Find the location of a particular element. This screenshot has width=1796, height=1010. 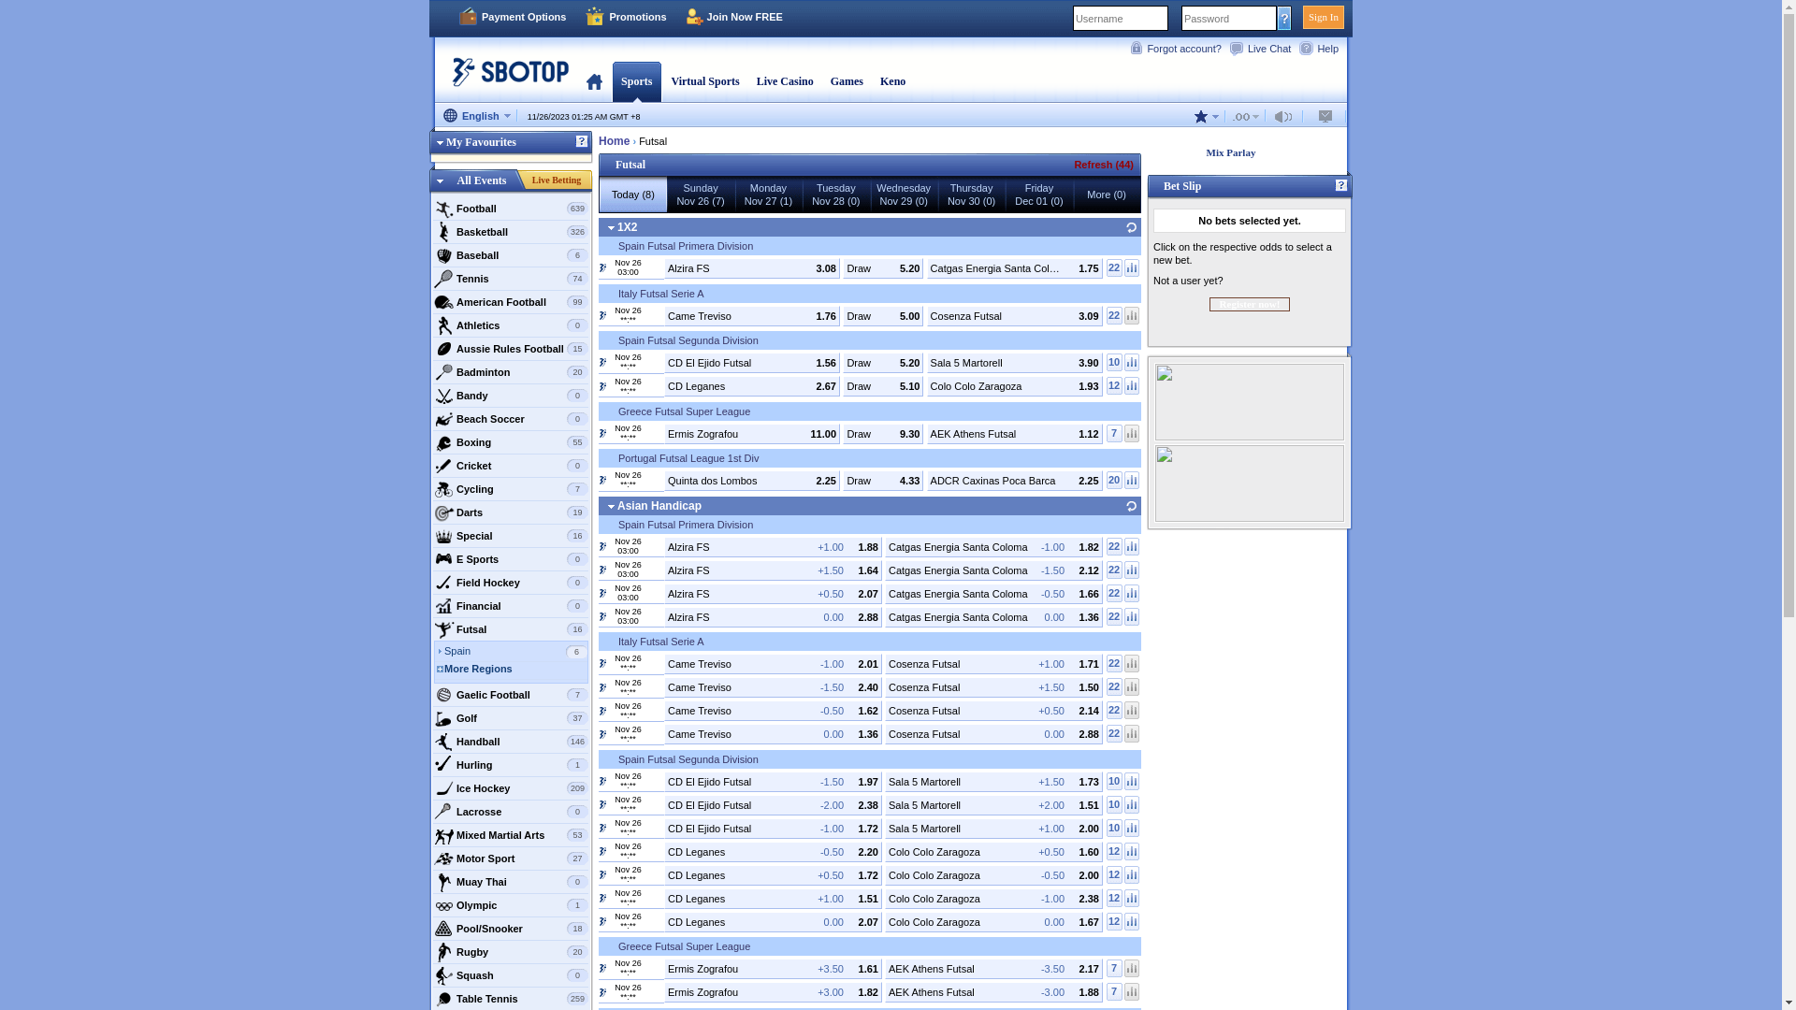

'More (0)' is located at coordinates (1073, 195).